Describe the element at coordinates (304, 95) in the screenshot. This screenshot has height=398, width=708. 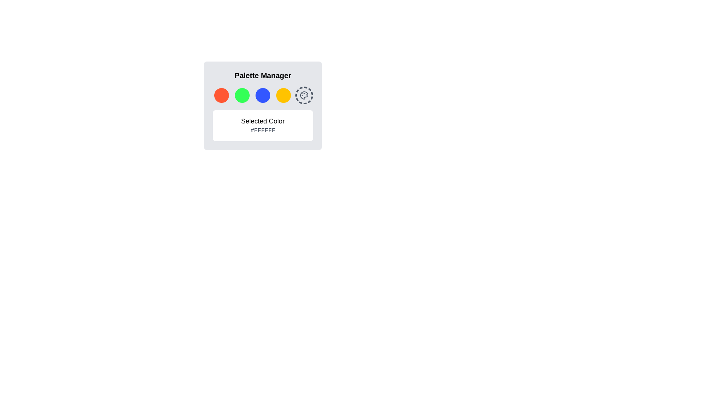
I see `the circular button with an icon located at the farthest right in a horizontal sequence of five buttons` at that location.